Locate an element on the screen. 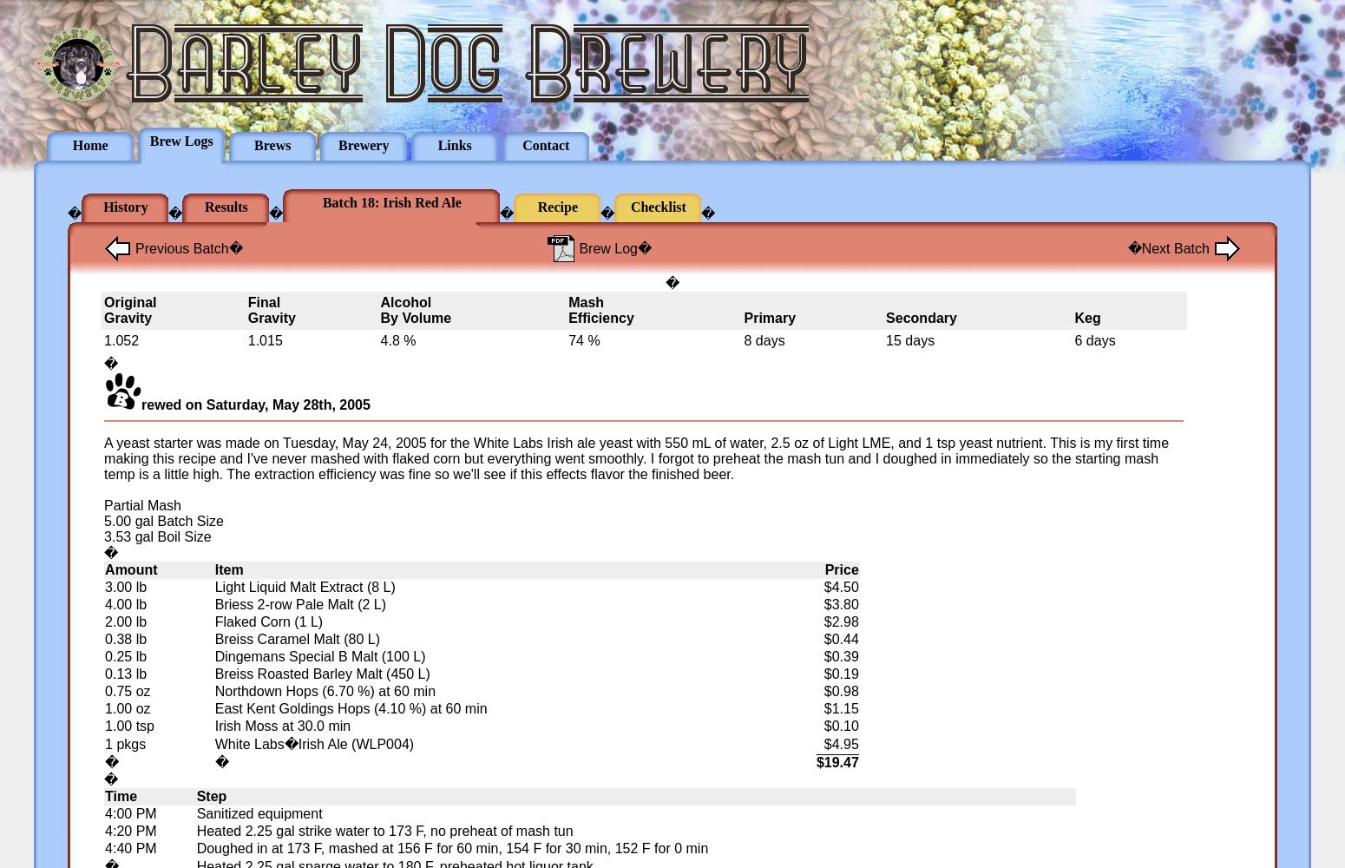  '3.53 gal Boil Size' is located at coordinates (156, 536).